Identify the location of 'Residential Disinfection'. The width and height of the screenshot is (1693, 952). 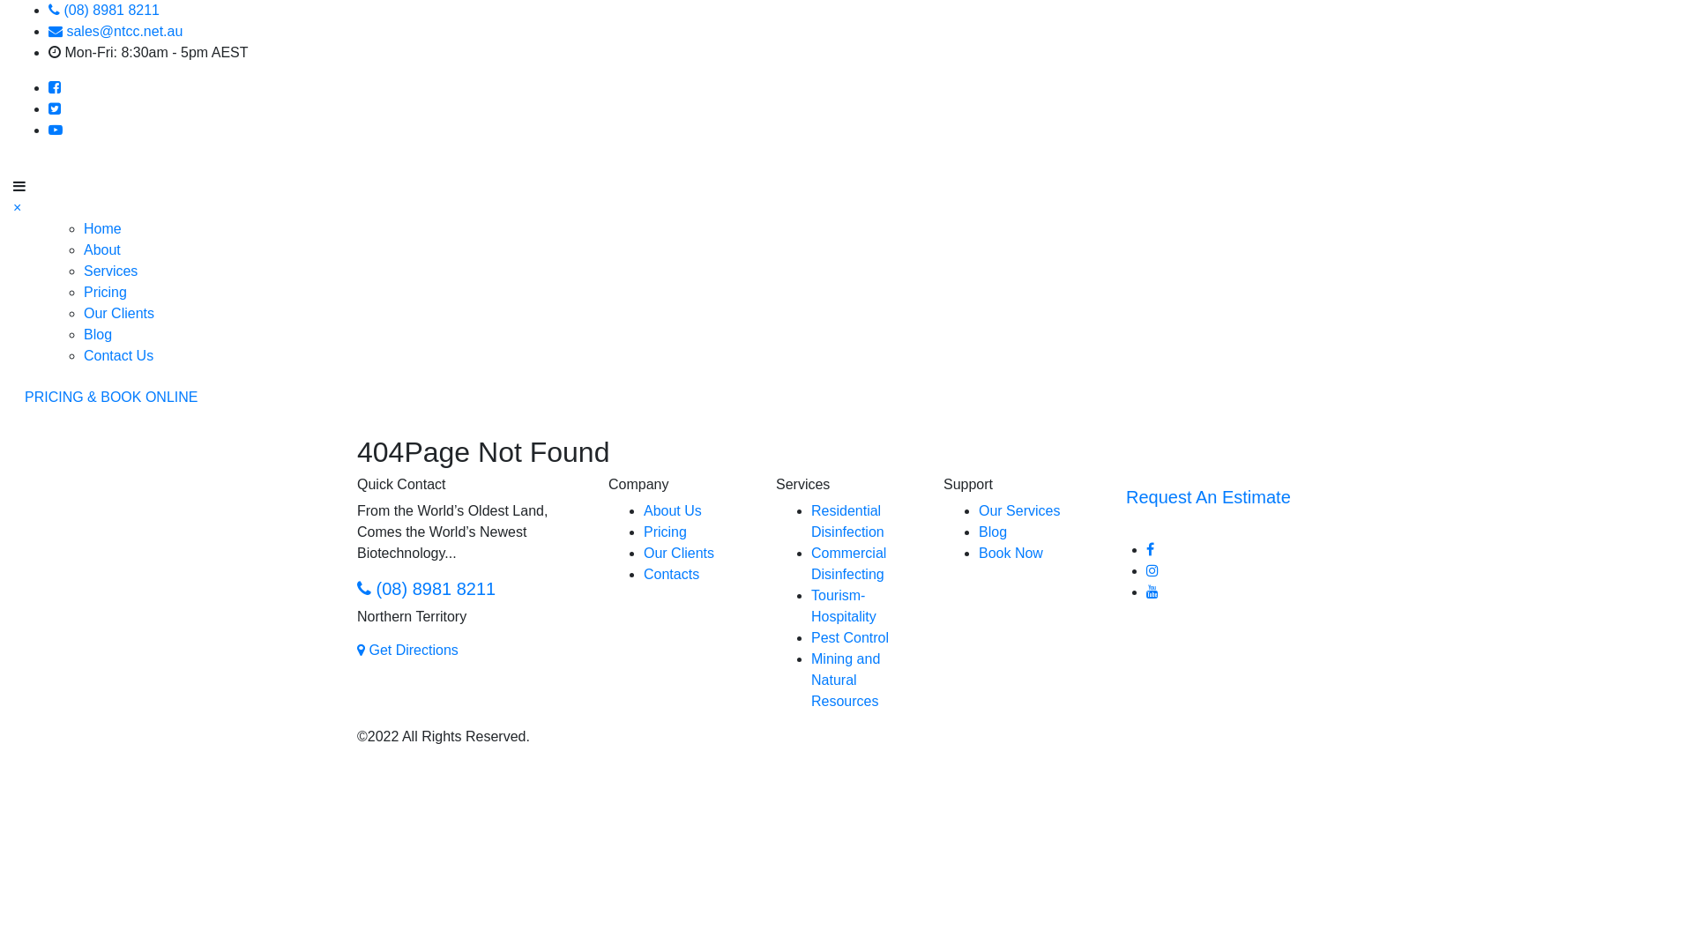
(847, 520).